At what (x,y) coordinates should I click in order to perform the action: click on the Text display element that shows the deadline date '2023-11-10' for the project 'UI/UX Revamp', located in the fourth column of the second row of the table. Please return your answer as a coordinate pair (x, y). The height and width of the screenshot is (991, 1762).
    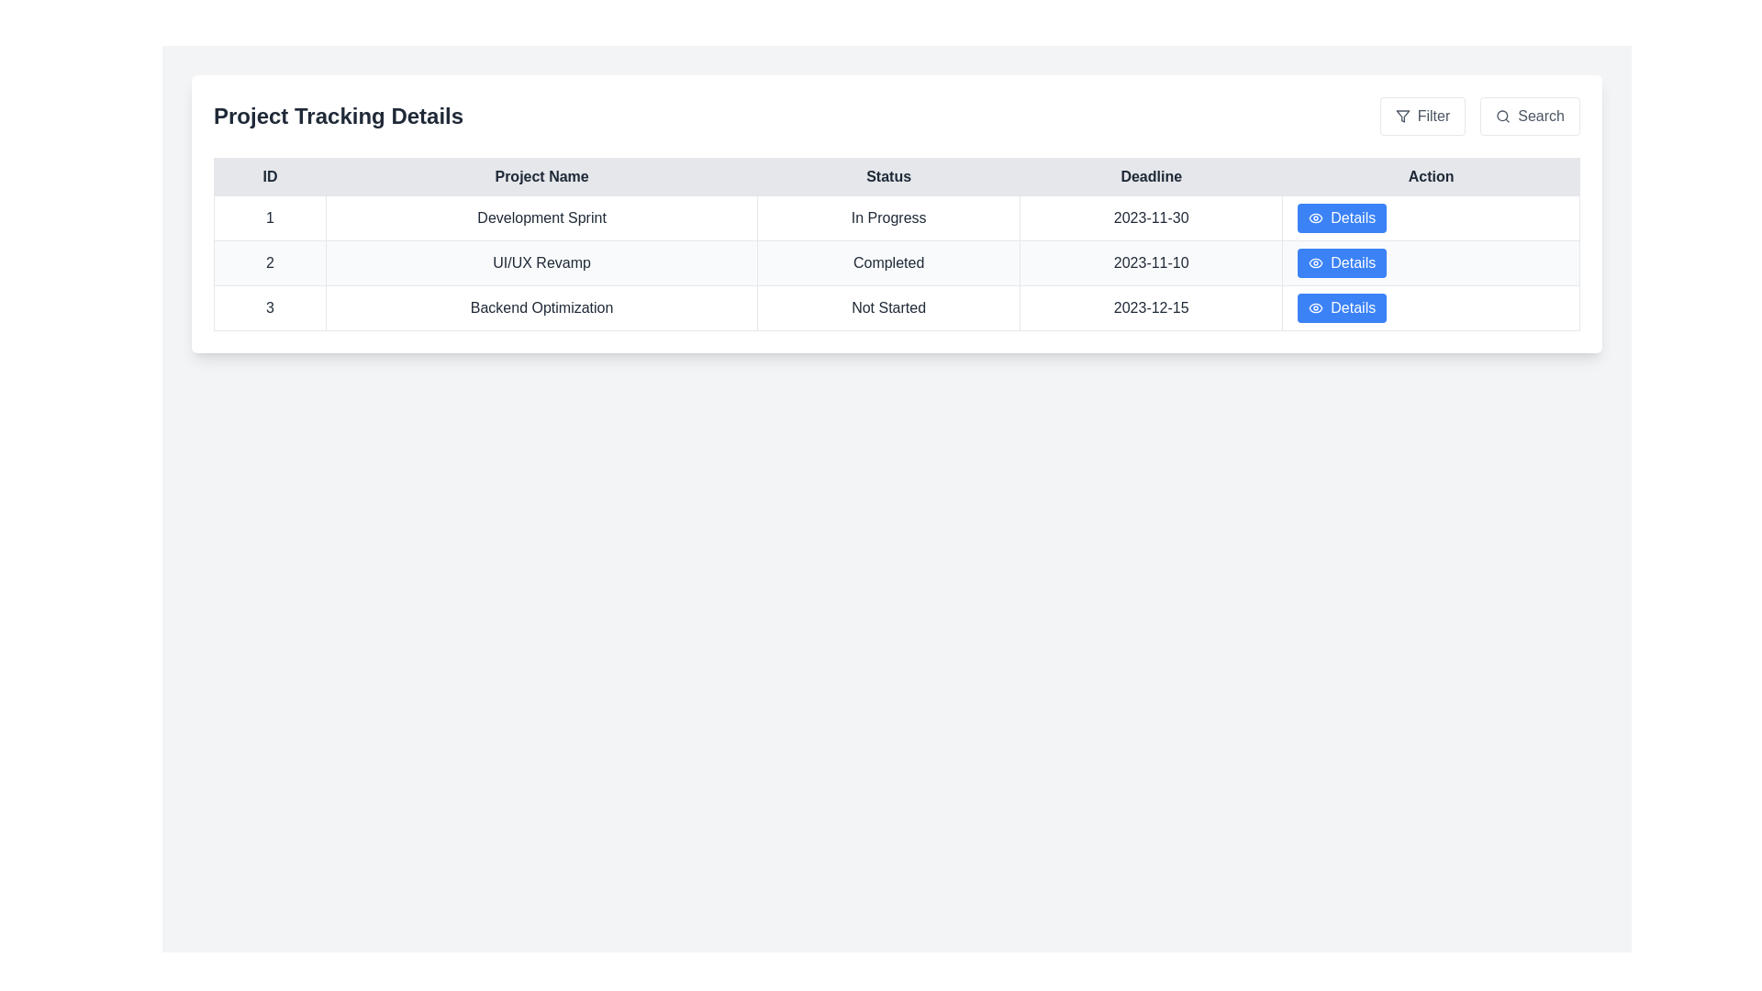
    Looking at the image, I should click on (1150, 262).